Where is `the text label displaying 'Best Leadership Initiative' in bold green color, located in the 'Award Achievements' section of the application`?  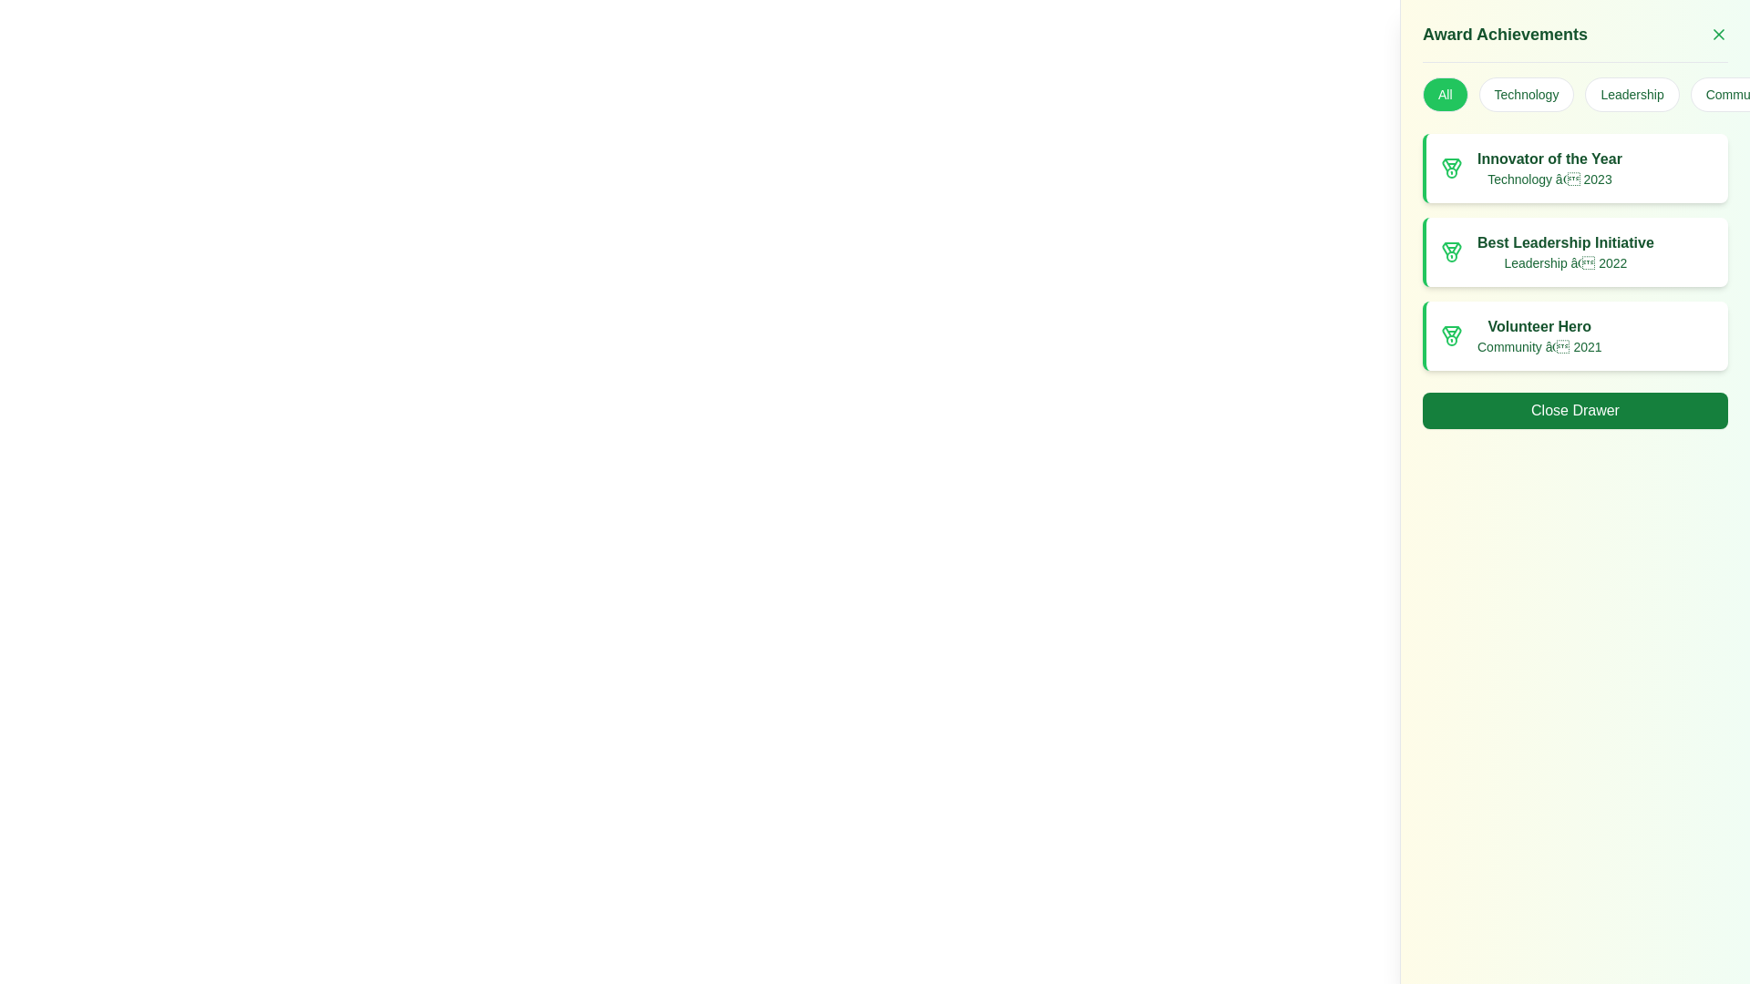
the text label displaying 'Best Leadership Initiative' in bold green color, located in the 'Award Achievements' section of the application is located at coordinates (1565, 241).